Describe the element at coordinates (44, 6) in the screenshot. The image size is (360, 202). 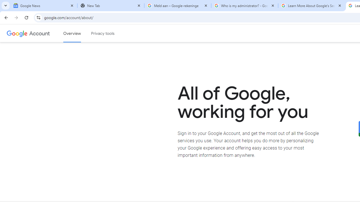
I see `'Google News'` at that location.